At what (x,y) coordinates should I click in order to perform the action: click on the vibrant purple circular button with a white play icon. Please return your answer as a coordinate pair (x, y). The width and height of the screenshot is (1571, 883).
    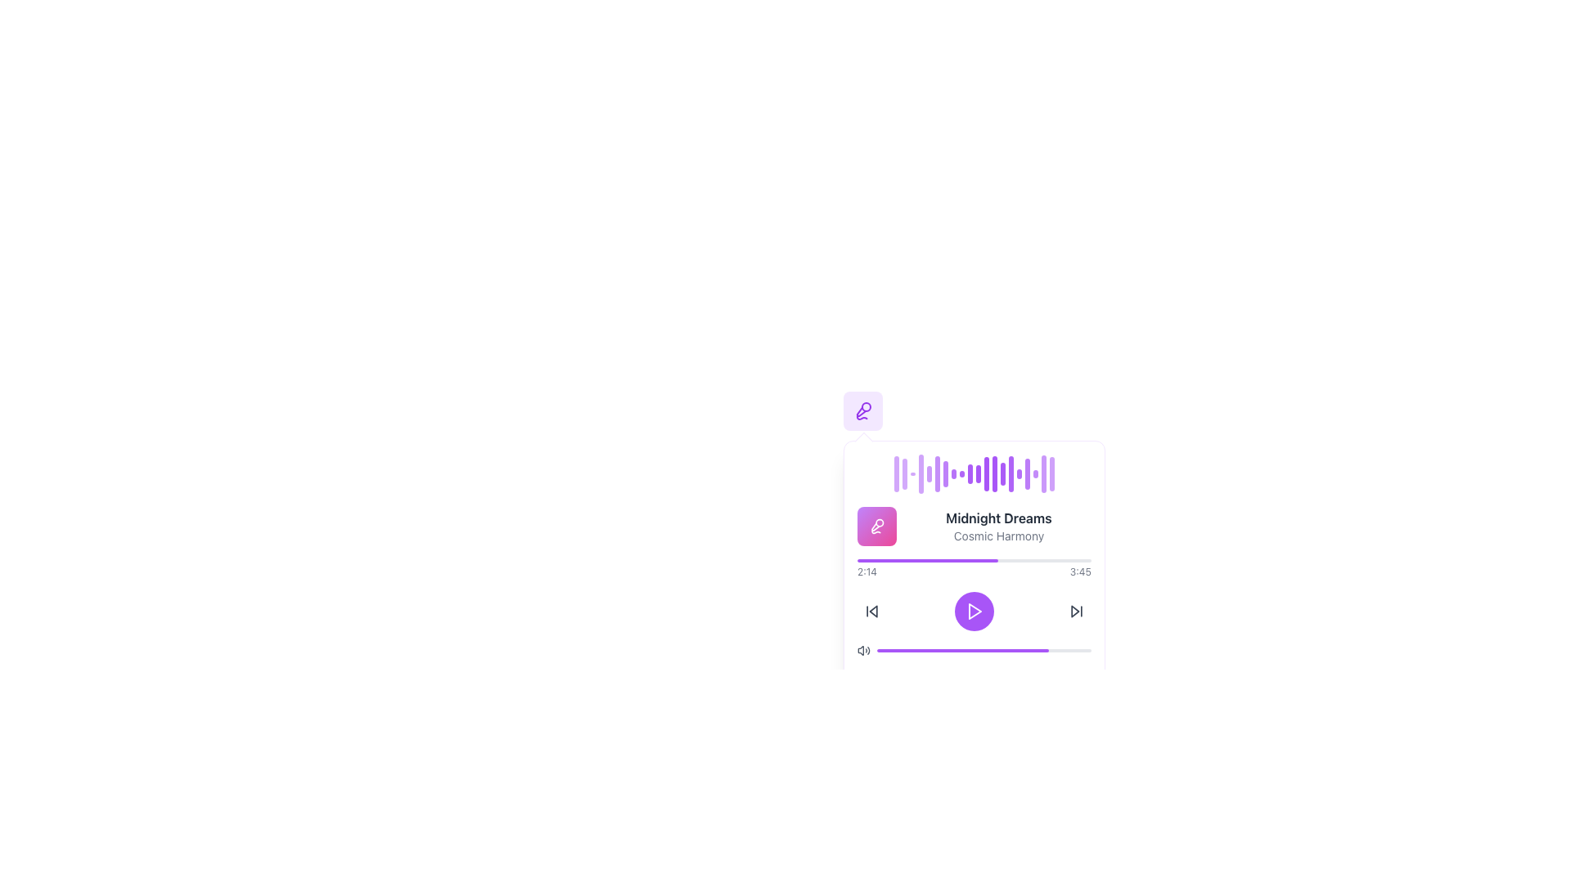
    Looking at the image, I should click on (974, 612).